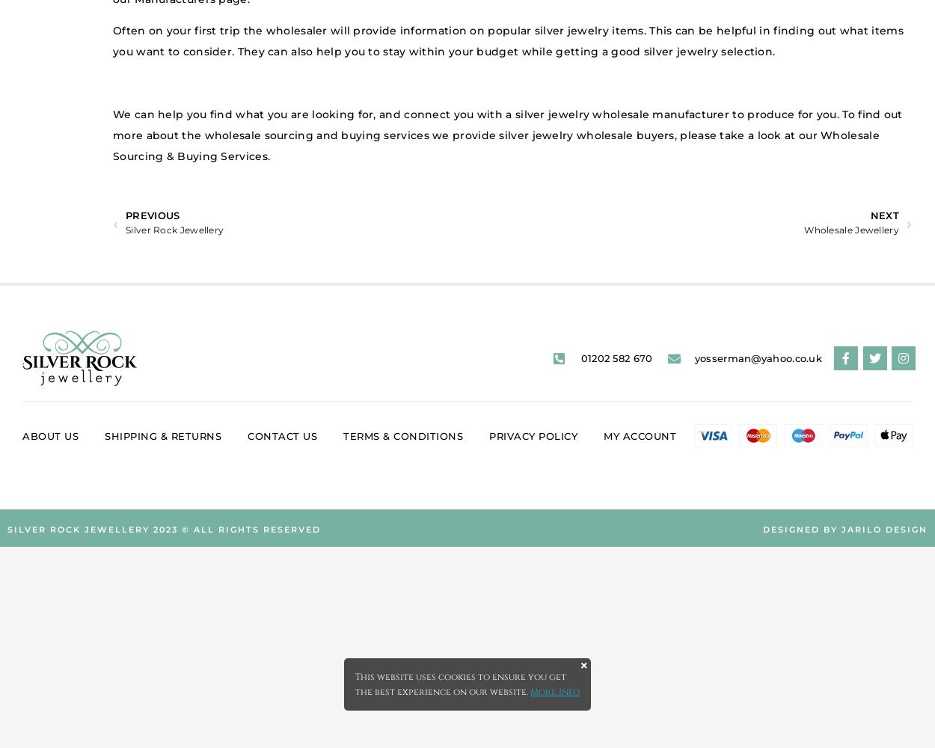 The height and width of the screenshot is (748, 935). I want to click on 'Wholesale Jewellery', so click(851, 230).